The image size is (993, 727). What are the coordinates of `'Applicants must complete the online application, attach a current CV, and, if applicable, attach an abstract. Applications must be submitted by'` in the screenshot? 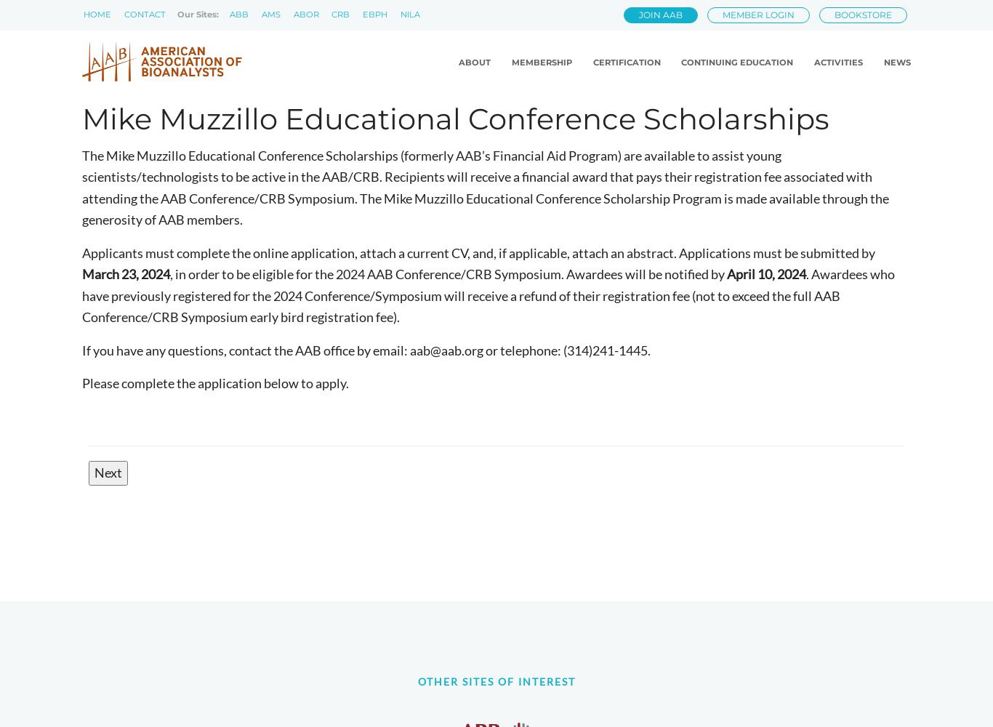 It's located at (478, 252).